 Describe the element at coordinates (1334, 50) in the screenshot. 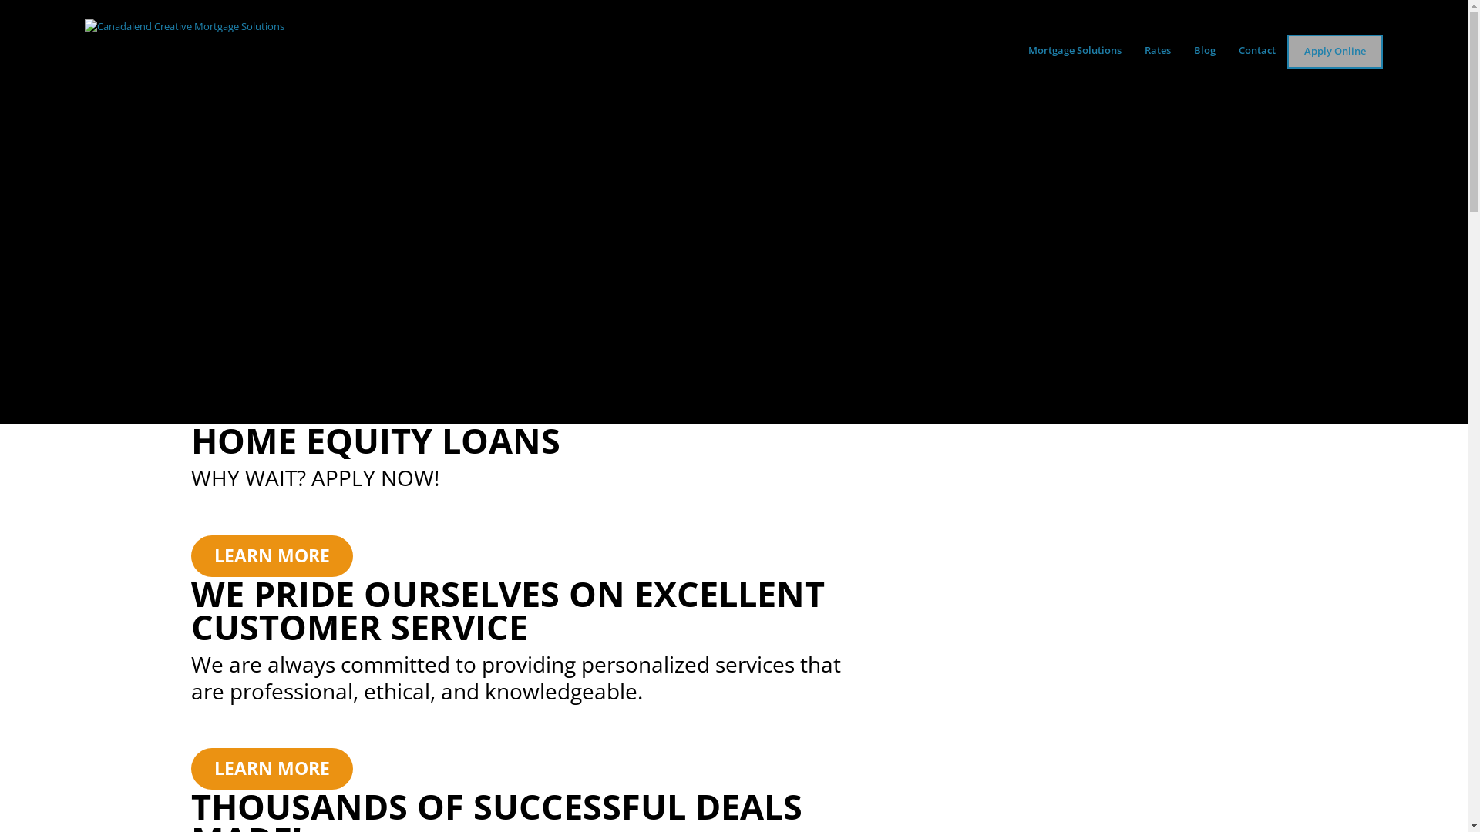

I see `'Apply Online'` at that location.